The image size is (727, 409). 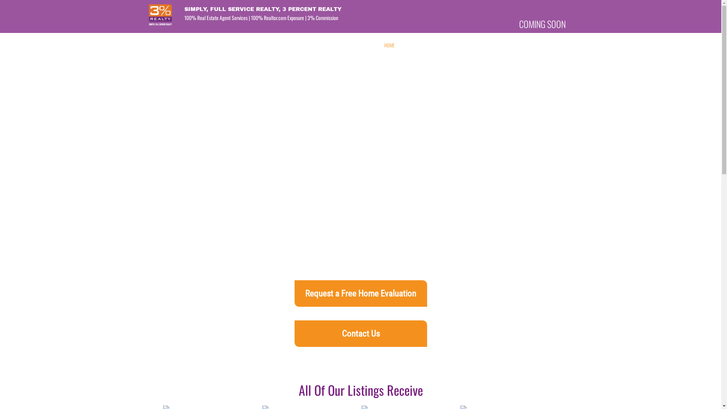 What do you see at coordinates (479, 45) in the screenshot?
I see `'LISTINGS'` at bounding box center [479, 45].